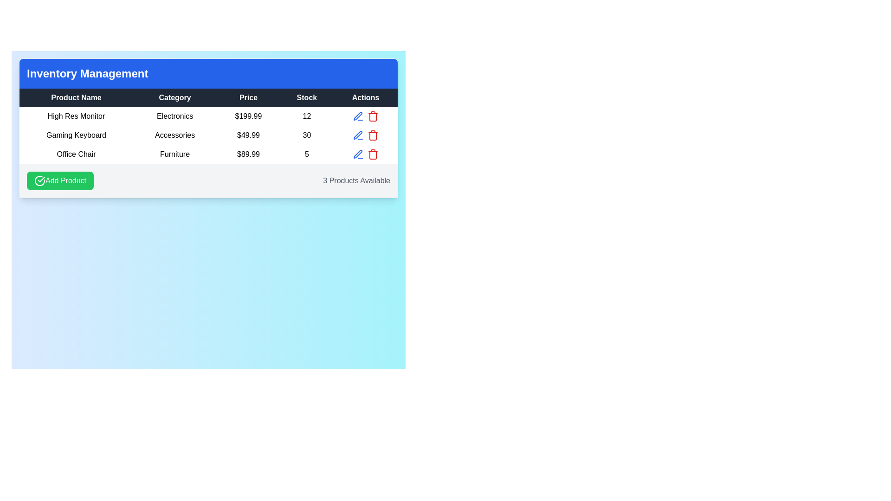  Describe the element at coordinates (248, 116) in the screenshot. I see `the text label displaying the price "$199.99" located in the first row of the data table under the "Price" column` at that location.